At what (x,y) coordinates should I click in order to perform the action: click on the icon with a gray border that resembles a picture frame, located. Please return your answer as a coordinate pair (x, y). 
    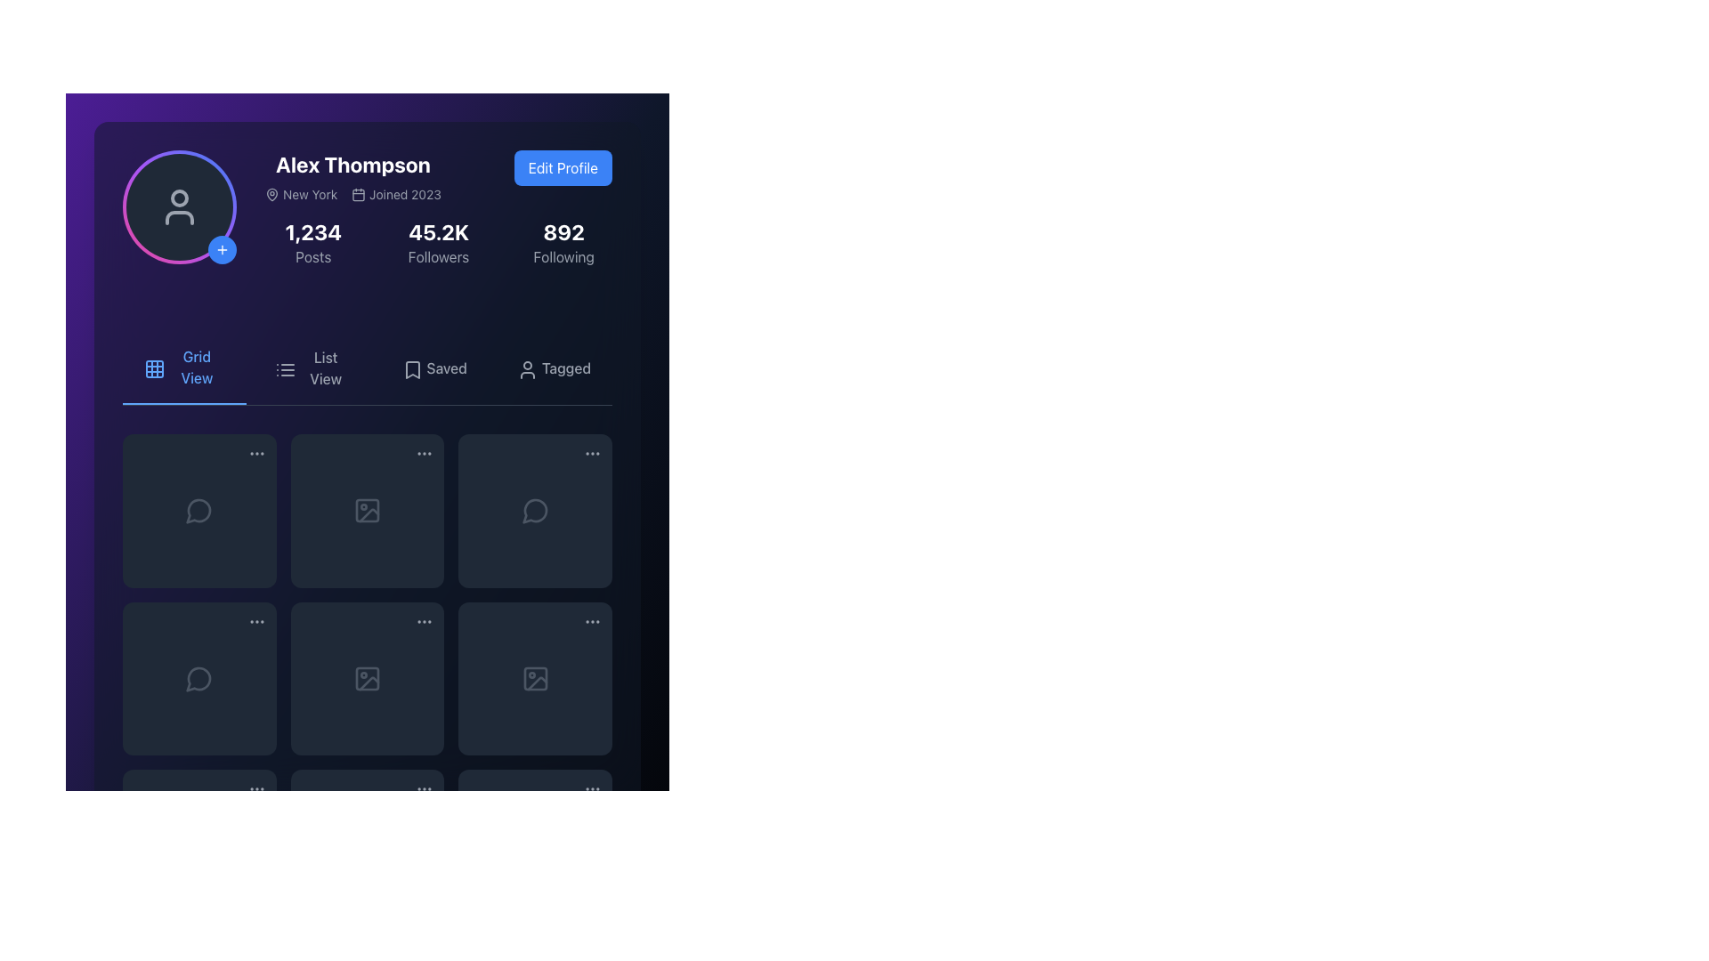
    Looking at the image, I should click on (366, 679).